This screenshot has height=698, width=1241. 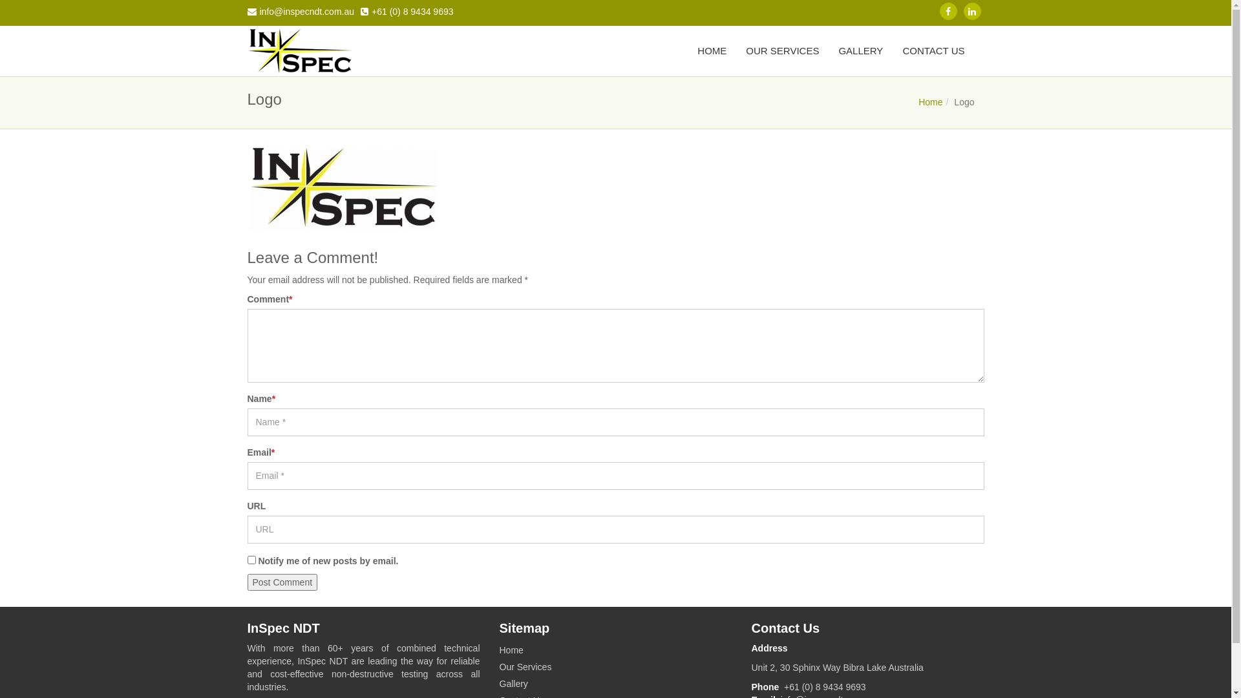 I want to click on 'Facebook', so click(x=948, y=11).